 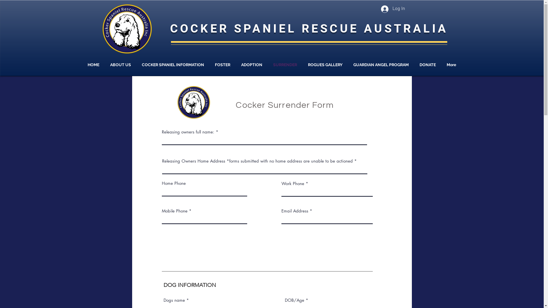 I want to click on 'ROGUES GALLERY', so click(x=302, y=64).